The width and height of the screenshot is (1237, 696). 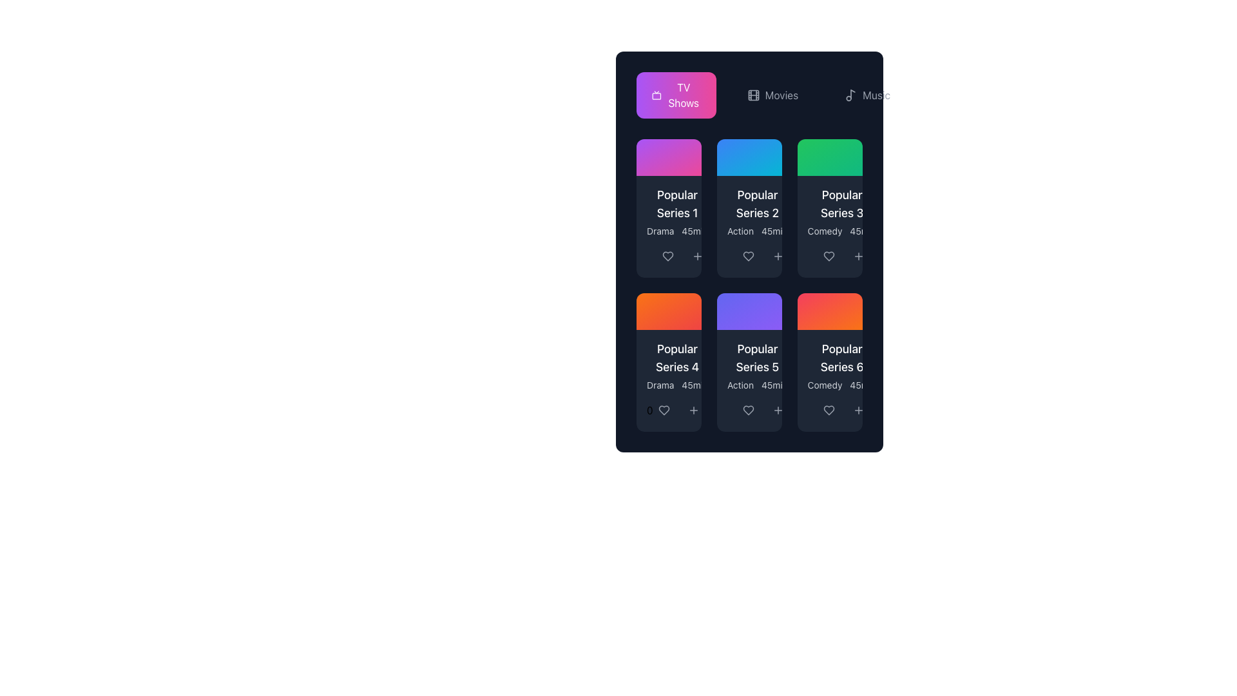 What do you see at coordinates (842, 211) in the screenshot?
I see `the text block displaying 'Popular Series 3' with smaller texts 'Comedy' and '45min' below it, located in the second row and third column of the grid layout` at bounding box center [842, 211].